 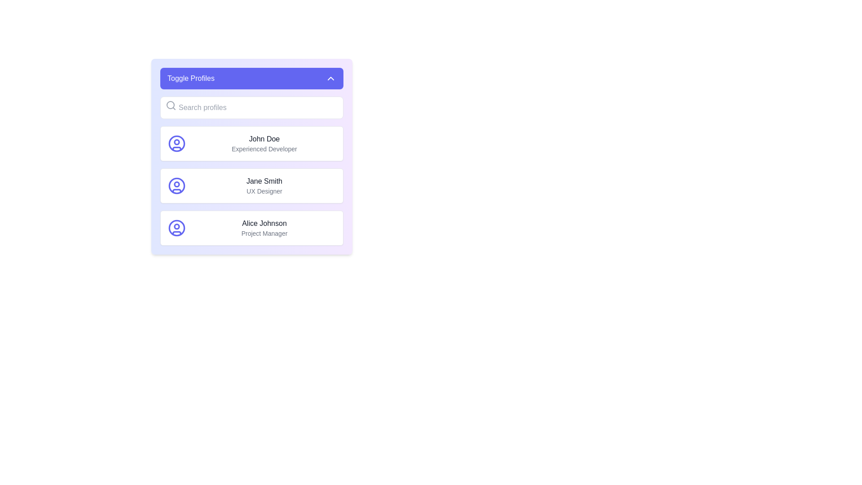 What do you see at coordinates (264, 139) in the screenshot?
I see `the Text Label displaying the name of the user in the profile list card, located above the subtitle 'Experienced Developer' and next to the user profile icon` at bounding box center [264, 139].